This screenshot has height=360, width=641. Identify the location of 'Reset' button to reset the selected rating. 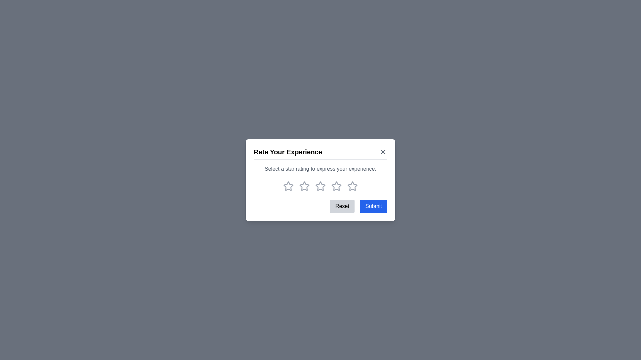
(342, 205).